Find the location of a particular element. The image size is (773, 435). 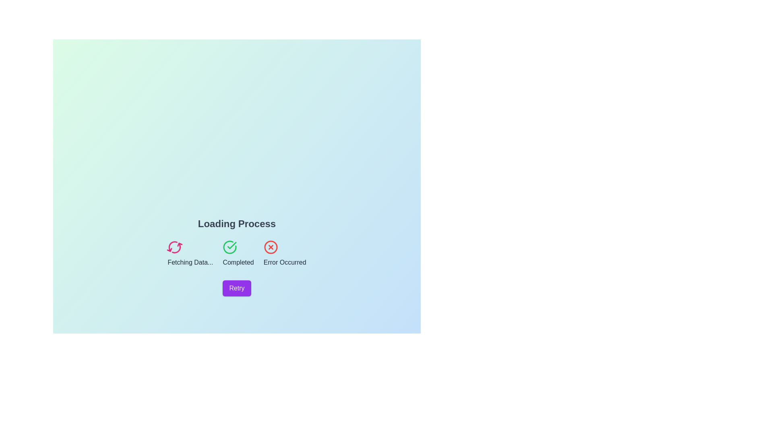

the success indication label located in the center of a row of status indicators, directly beneath a green checkmark icon, between 'Fetching Data...' and 'Error Occurred' is located at coordinates (238, 262).